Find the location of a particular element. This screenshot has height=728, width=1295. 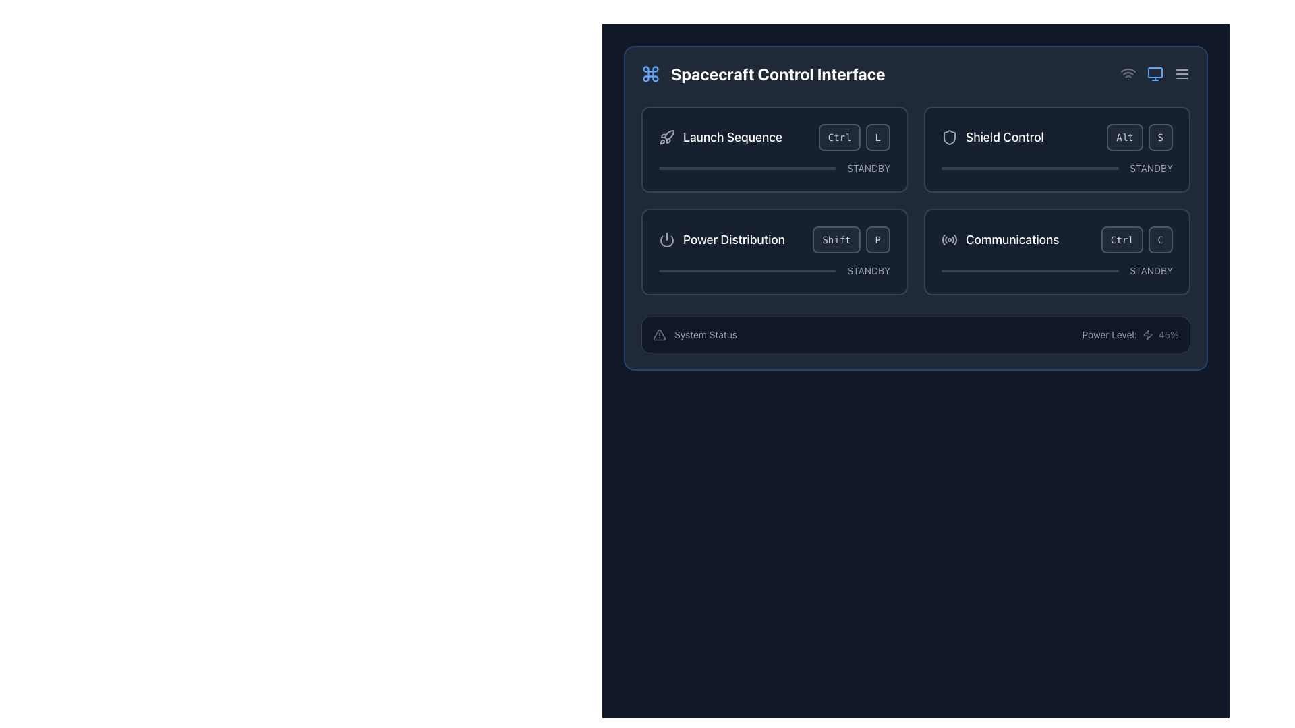

the shield control icon located in the top-right quadrant of the 'Spacecraft Control Interface' panel, next to its label is located at coordinates (948, 138).